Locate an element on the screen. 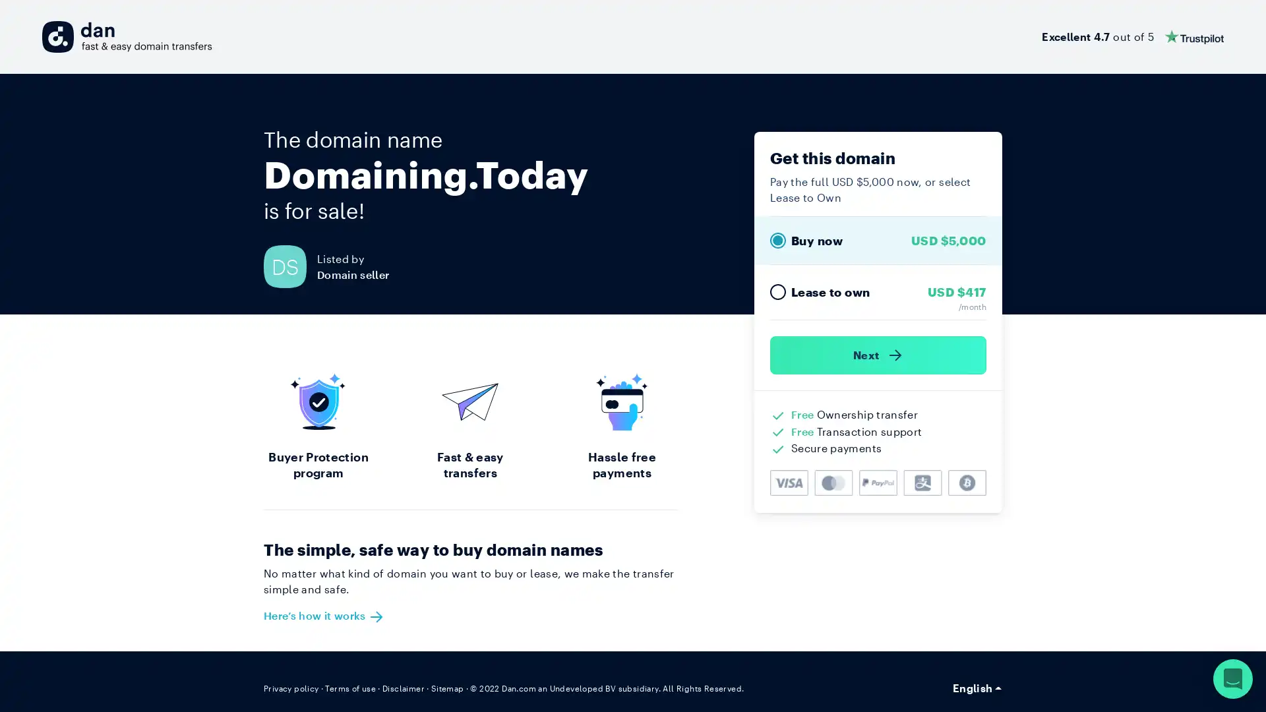 The image size is (1266, 712). Open Intercom Messenger is located at coordinates (1232, 678).